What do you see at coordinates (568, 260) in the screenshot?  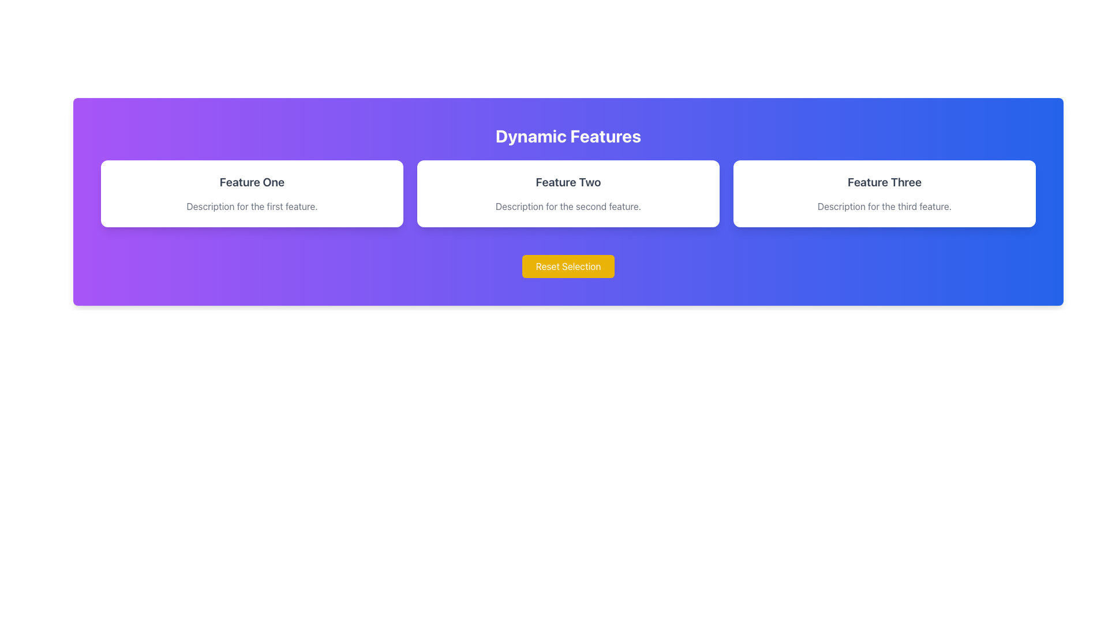 I see `the reset button located at the bottom center of the 'Dynamic Features' section to observe the hover effect` at bounding box center [568, 260].